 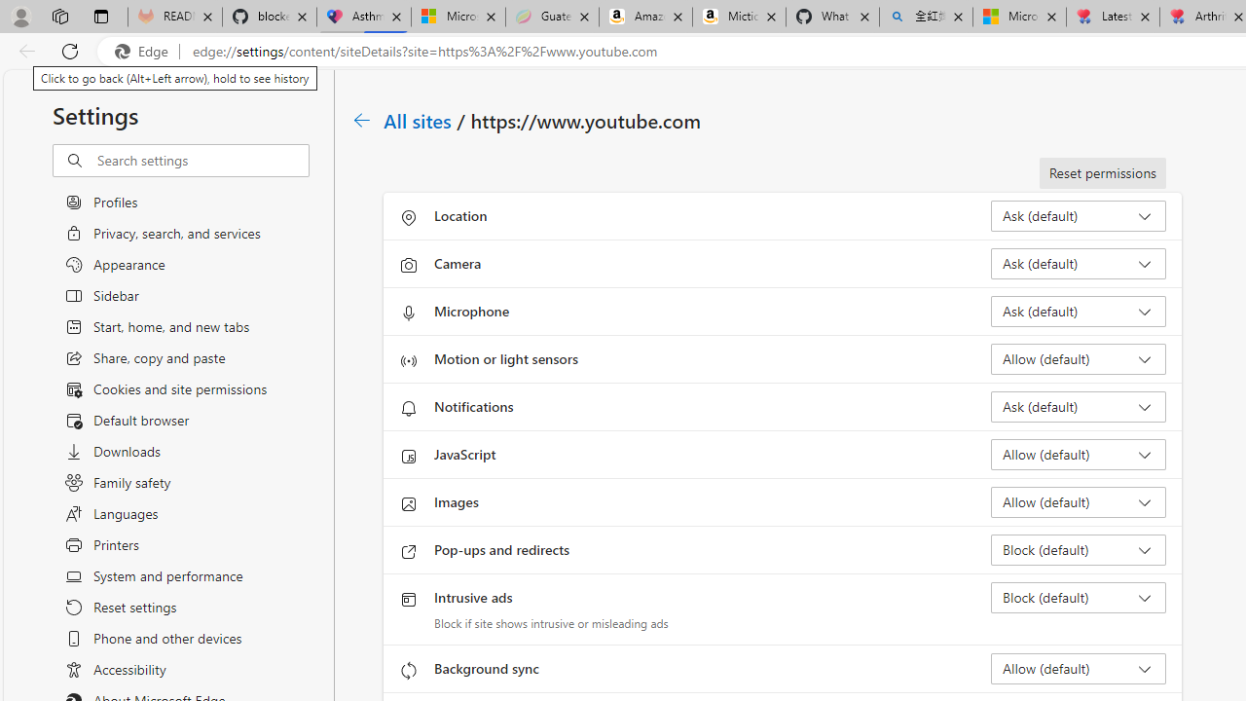 What do you see at coordinates (1077, 454) in the screenshot?
I see `'JavaScript Allow (default)'` at bounding box center [1077, 454].